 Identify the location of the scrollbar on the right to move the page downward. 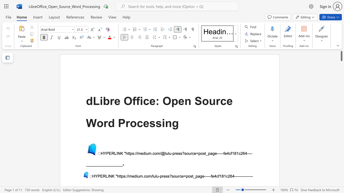
(341, 133).